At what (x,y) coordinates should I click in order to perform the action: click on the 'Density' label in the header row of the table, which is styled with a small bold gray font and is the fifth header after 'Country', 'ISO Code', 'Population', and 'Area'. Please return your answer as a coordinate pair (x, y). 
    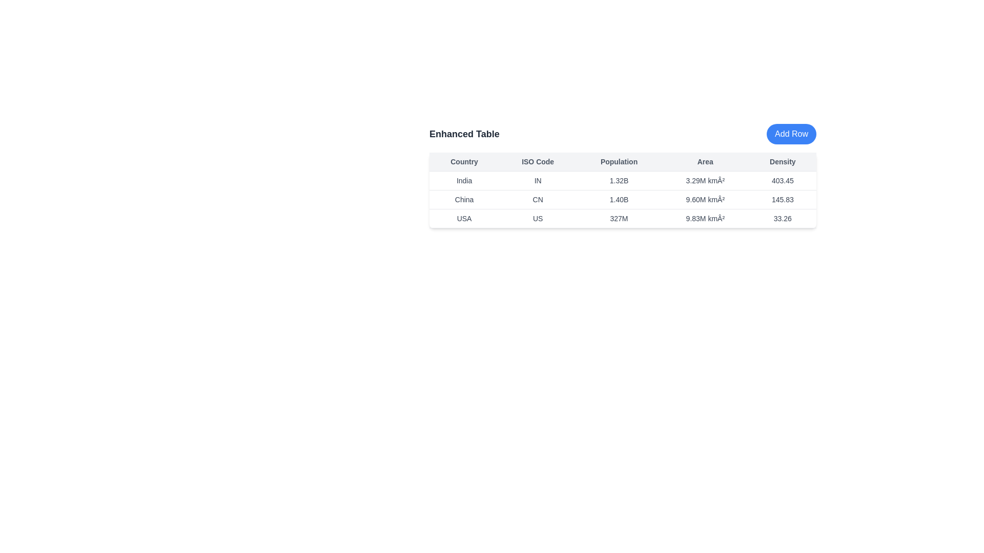
    Looking at the image, I should click on (782, 161).